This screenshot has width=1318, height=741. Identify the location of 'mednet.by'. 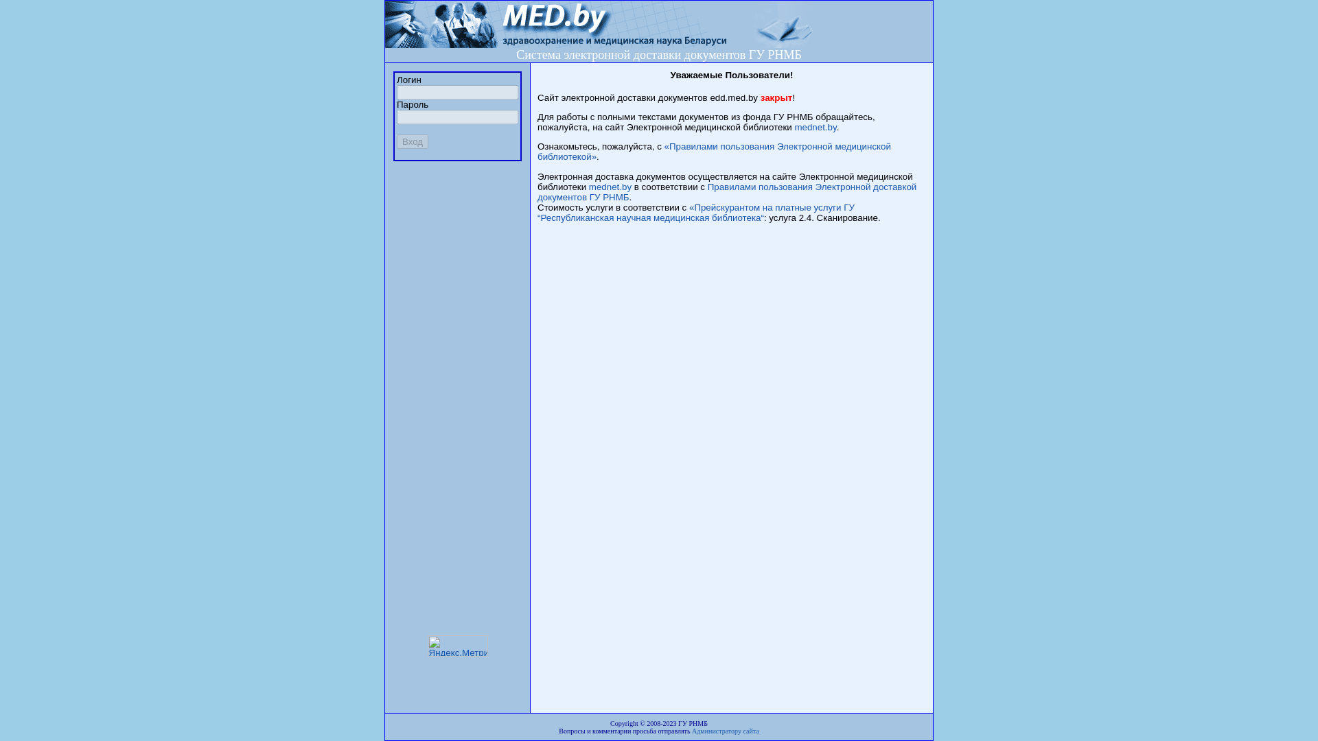
(609, 187).